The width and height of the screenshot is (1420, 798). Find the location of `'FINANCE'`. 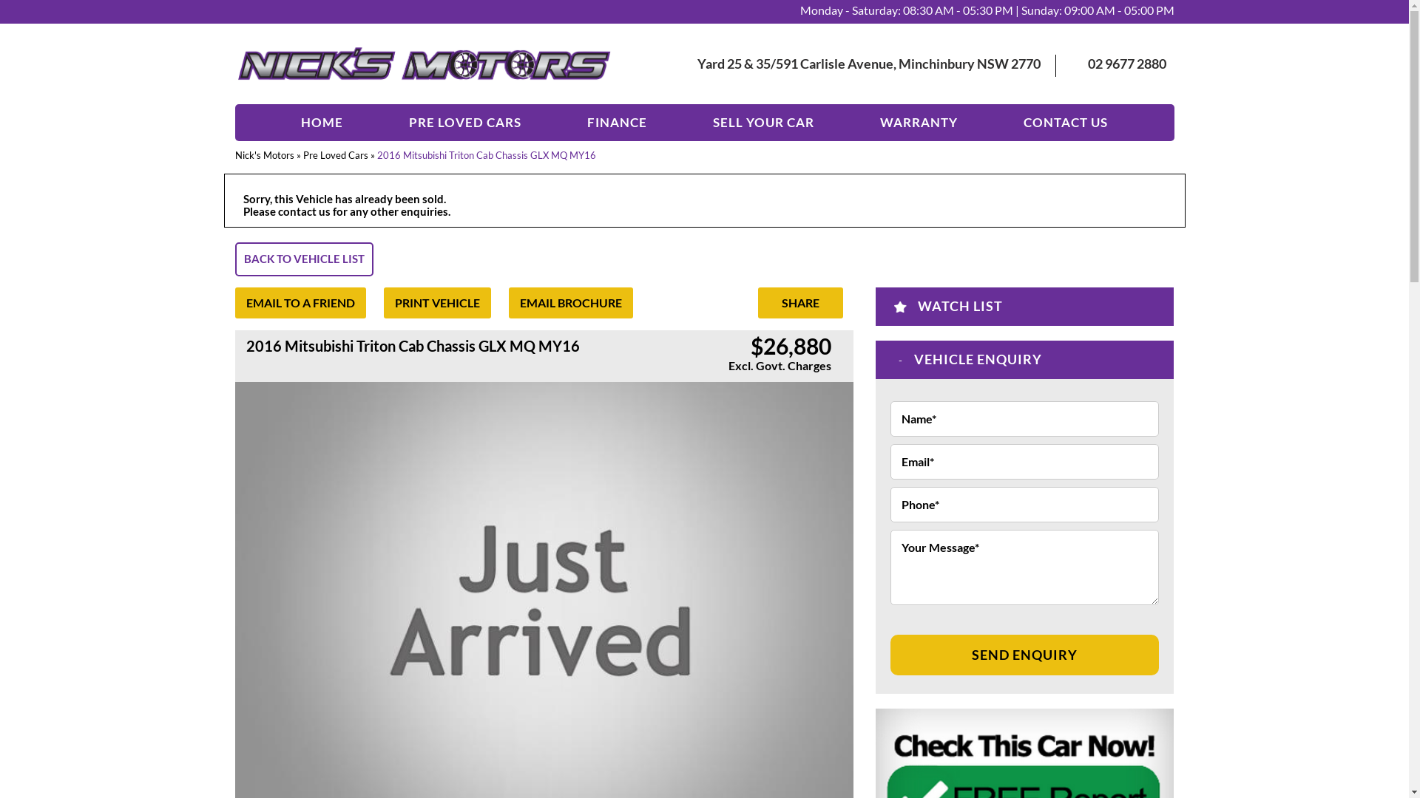

'FINANCE' is located at coordinates (617, 121).